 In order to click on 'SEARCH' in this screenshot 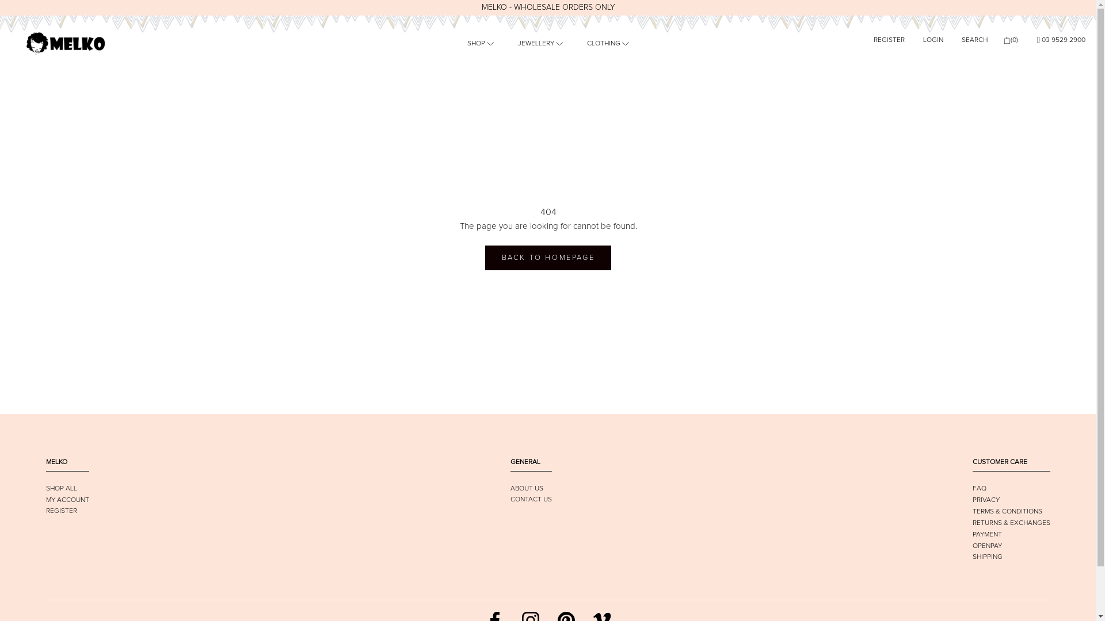, I will do `click(974, 40)`.